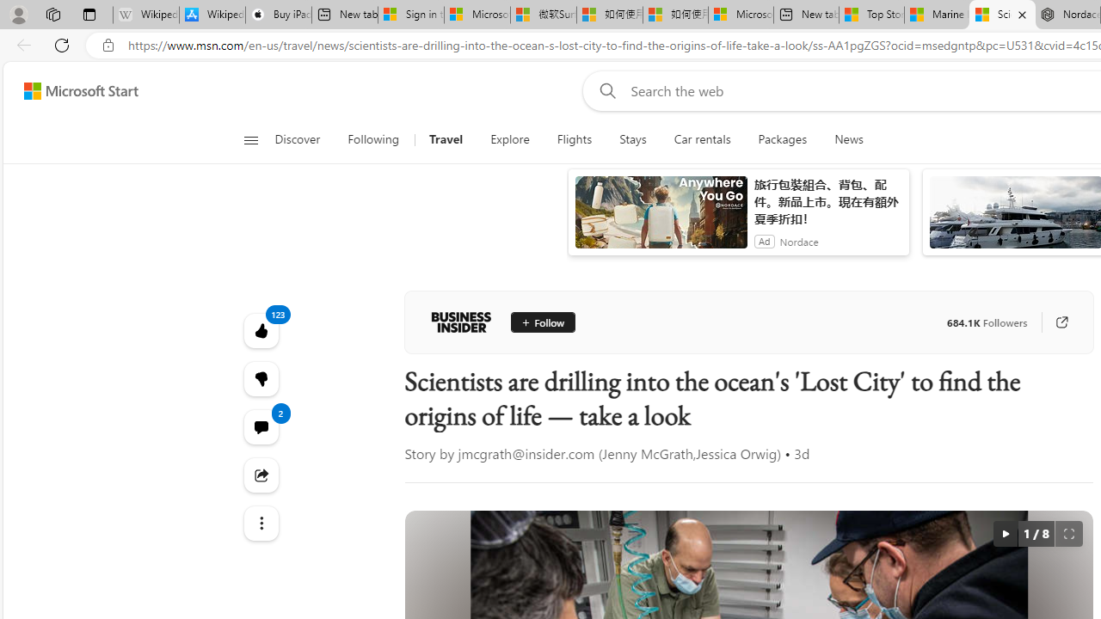  I want to click on 'News', so click(848, 139).